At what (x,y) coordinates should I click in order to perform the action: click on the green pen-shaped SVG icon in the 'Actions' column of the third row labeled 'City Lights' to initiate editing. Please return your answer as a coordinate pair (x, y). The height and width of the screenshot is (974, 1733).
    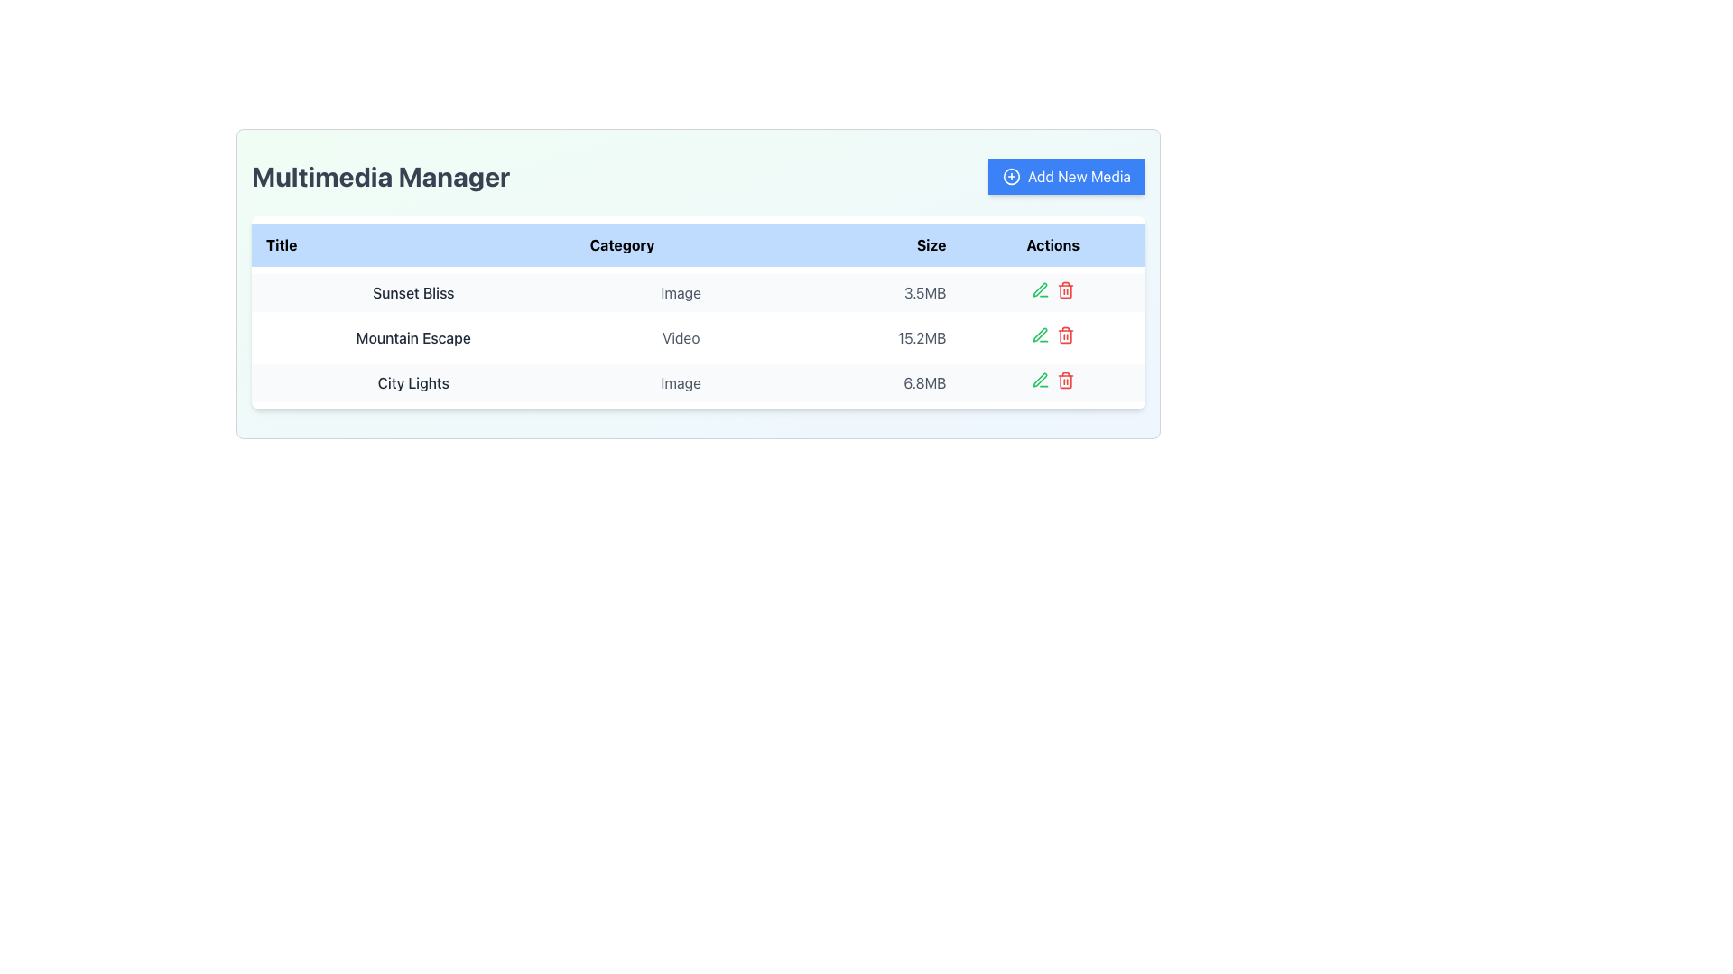
    Looking at the image, I should click on (1040, 289).